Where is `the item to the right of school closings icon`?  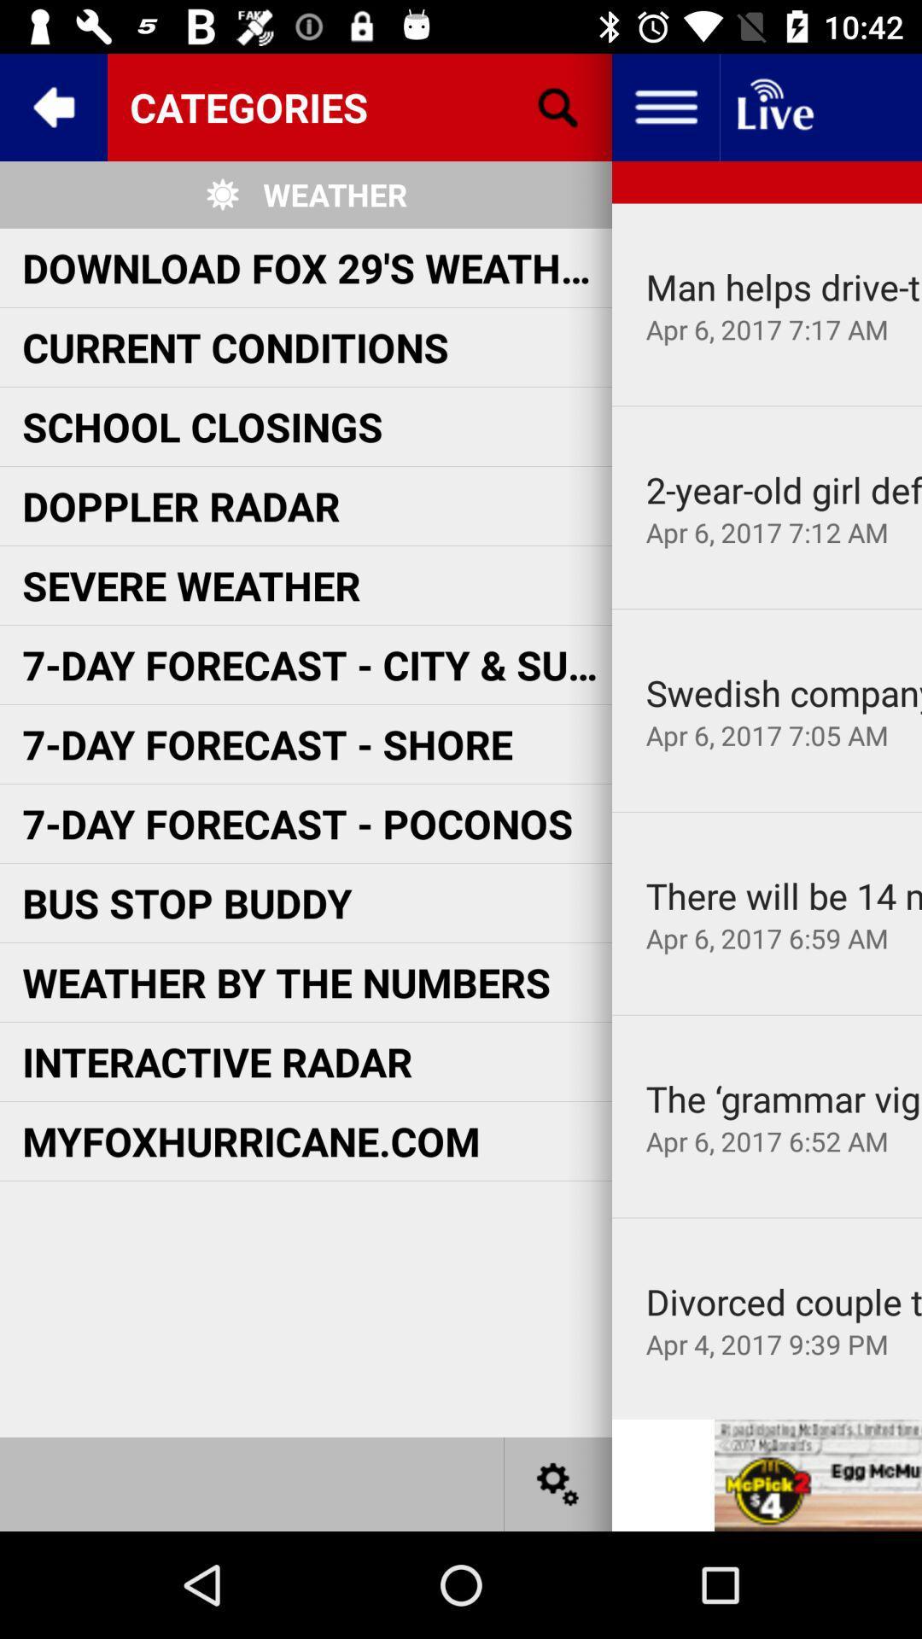
the item to the right of school closings icon is located at coordinates (784, 488).